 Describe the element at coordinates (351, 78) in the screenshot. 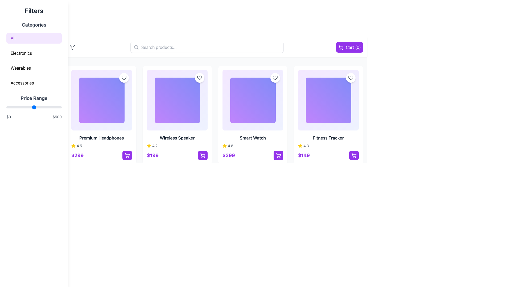

I see `the heart icon button located` at that location.